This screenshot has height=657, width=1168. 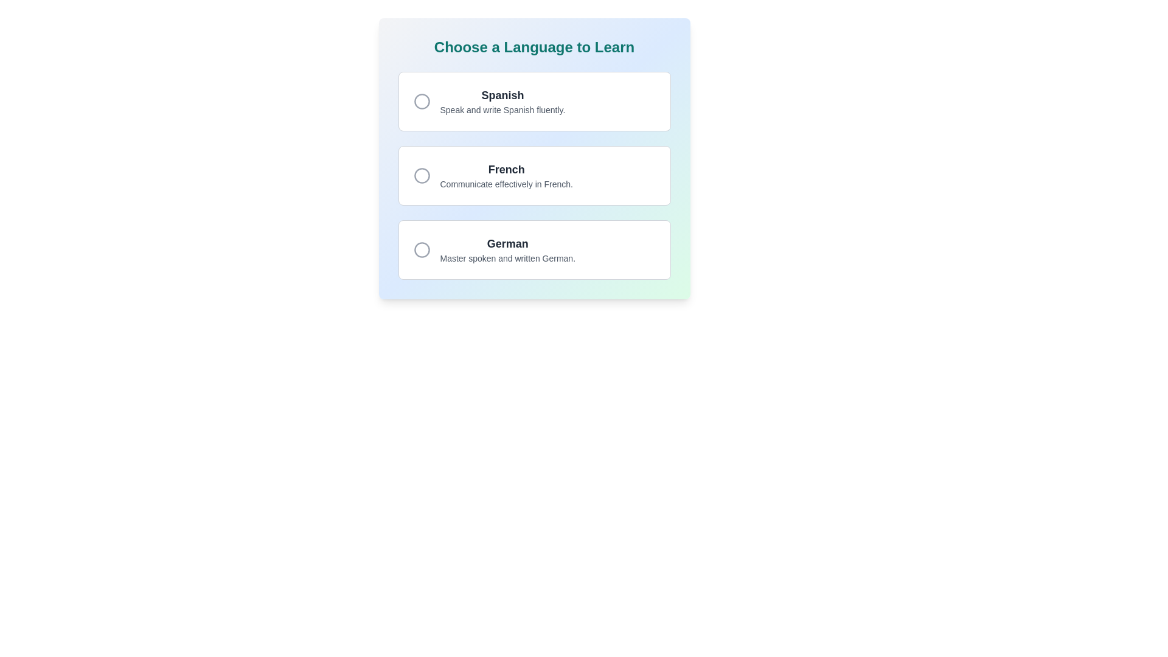 I want to click on prominently styled heading that displays 'Choose a Language to Learn', which is centered at the top of the language selection card, so click(x=534, y=46).